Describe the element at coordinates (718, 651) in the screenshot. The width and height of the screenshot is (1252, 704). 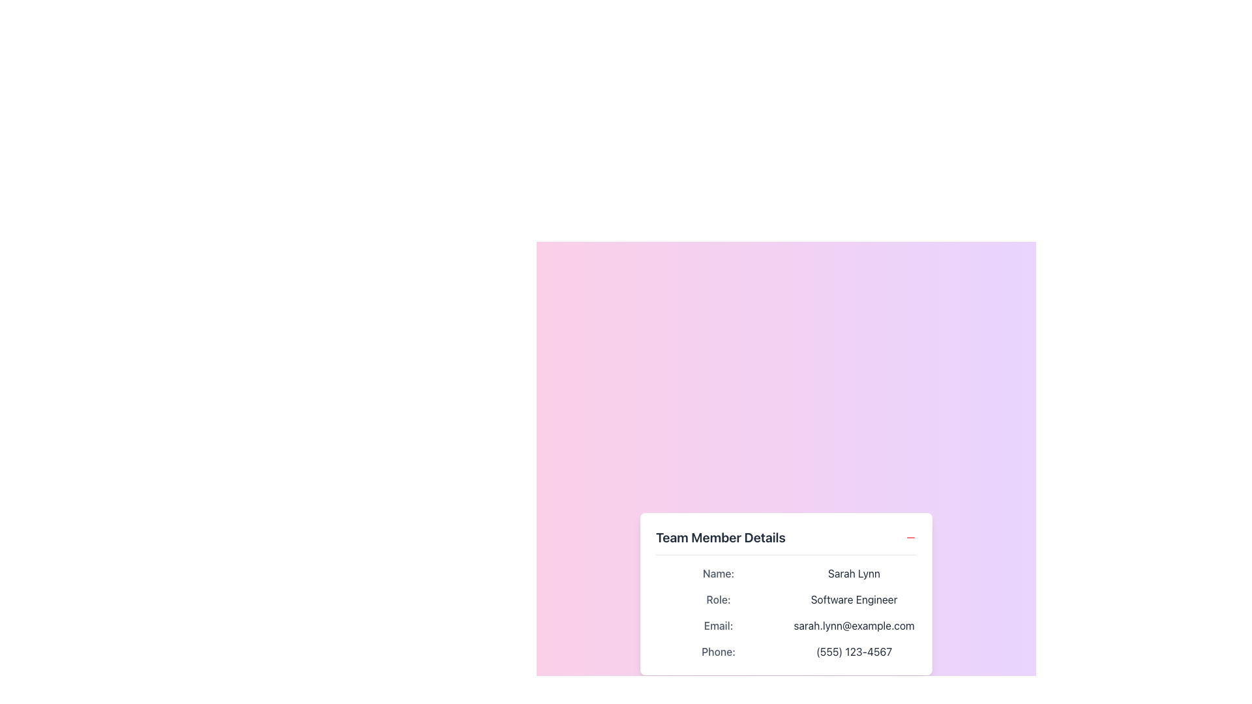
I see `the text label styled in gray and bold font reading 'Phone:', which is positioned at the bottom-left of the details section within the profile layout` at that location.